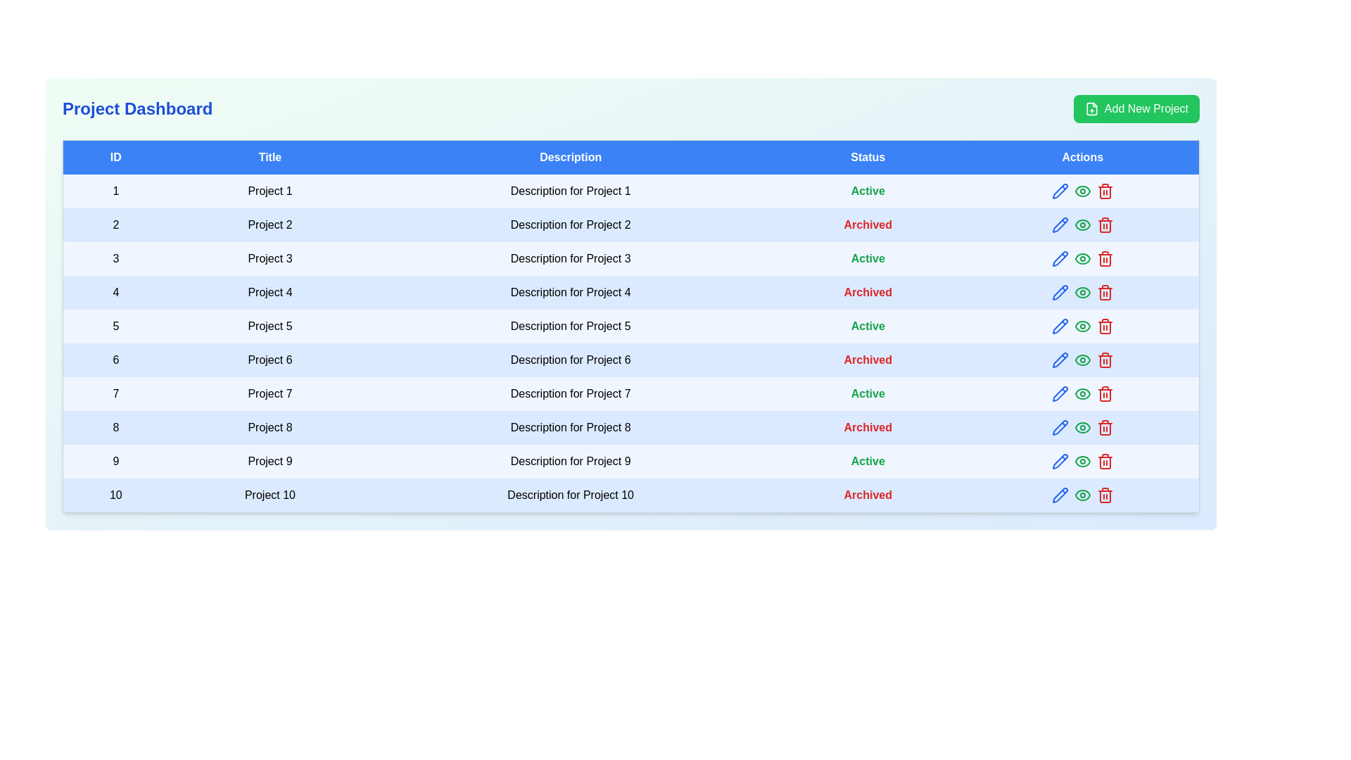 This screenshot has width=1351, height=760. Describe the element at coordinates (1136, 108) in the screenshot. I see `the 'Add New Project' button` at that location.